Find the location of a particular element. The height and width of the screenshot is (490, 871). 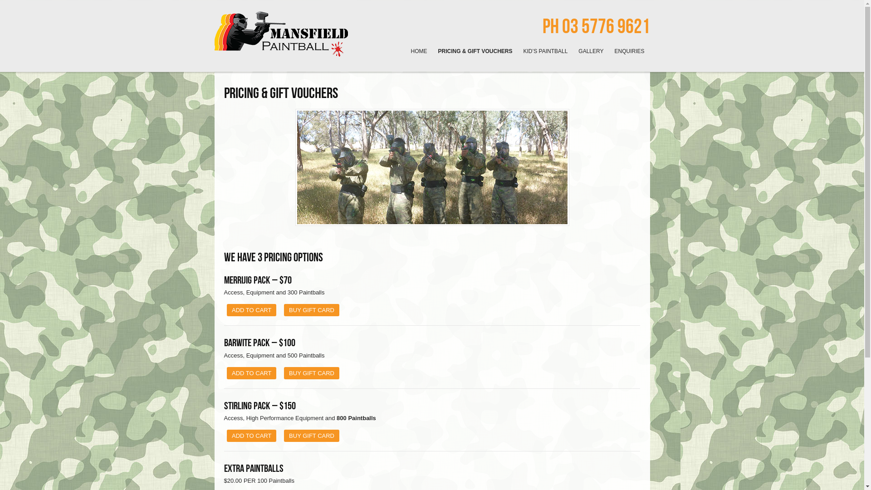

'Fun and affordable Paintball games in the high country!' is located at coordinates (280, 52).